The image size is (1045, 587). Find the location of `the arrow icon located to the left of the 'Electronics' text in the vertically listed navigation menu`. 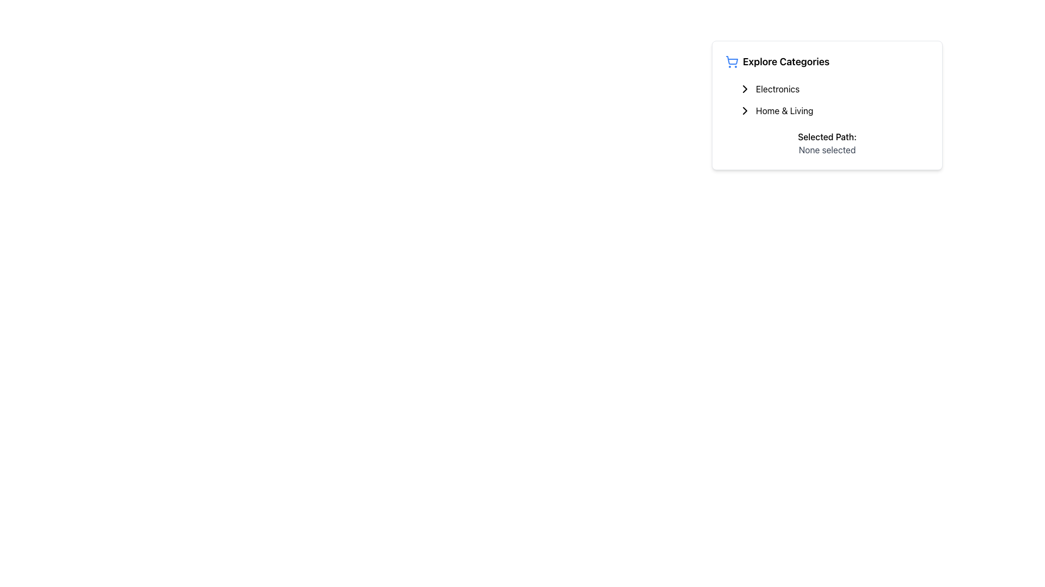

the arrow icon located to the left of the 'Electronics' text in the vertically listed navigation menu is located at coordinates (744, 89).